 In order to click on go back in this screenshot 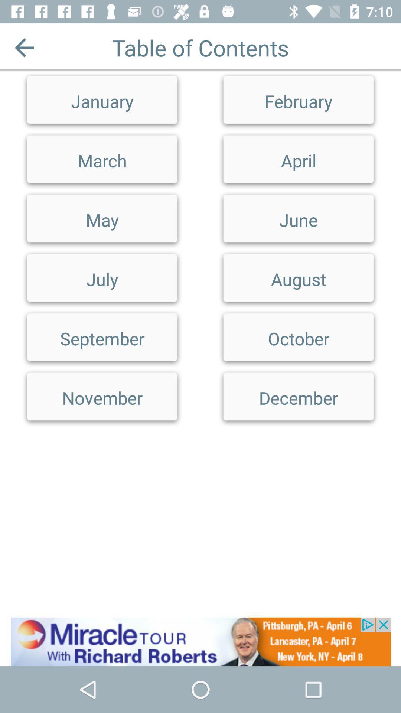, I will do `click(24, 47)`.